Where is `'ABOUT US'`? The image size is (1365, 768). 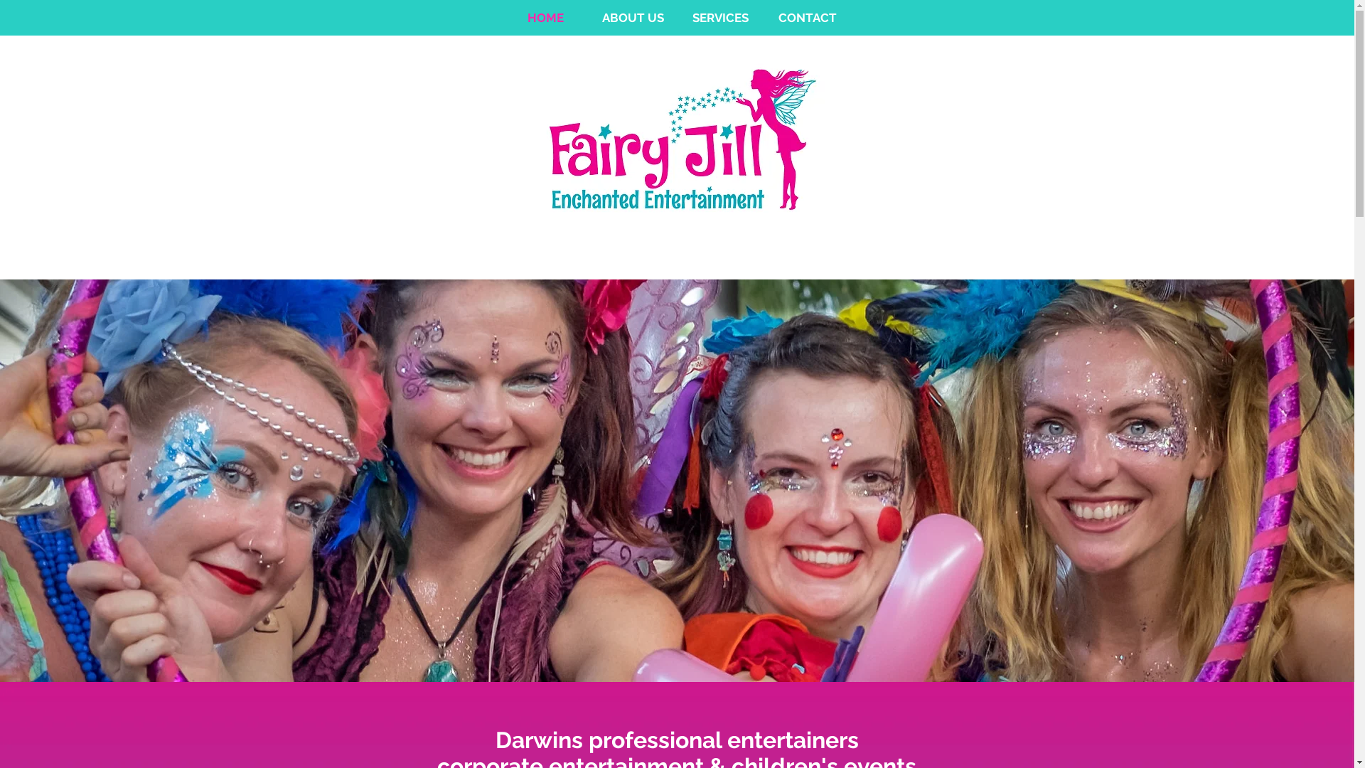 'ABOUT US' is located at coordinates (631, 18).